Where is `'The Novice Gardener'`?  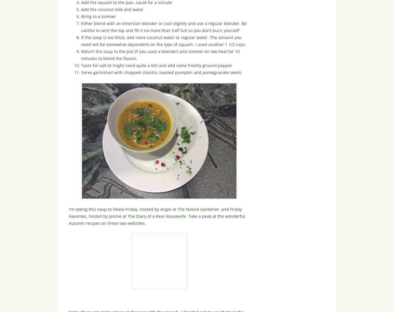
'The Novice Gardener' is located at coordinates (198, 209).